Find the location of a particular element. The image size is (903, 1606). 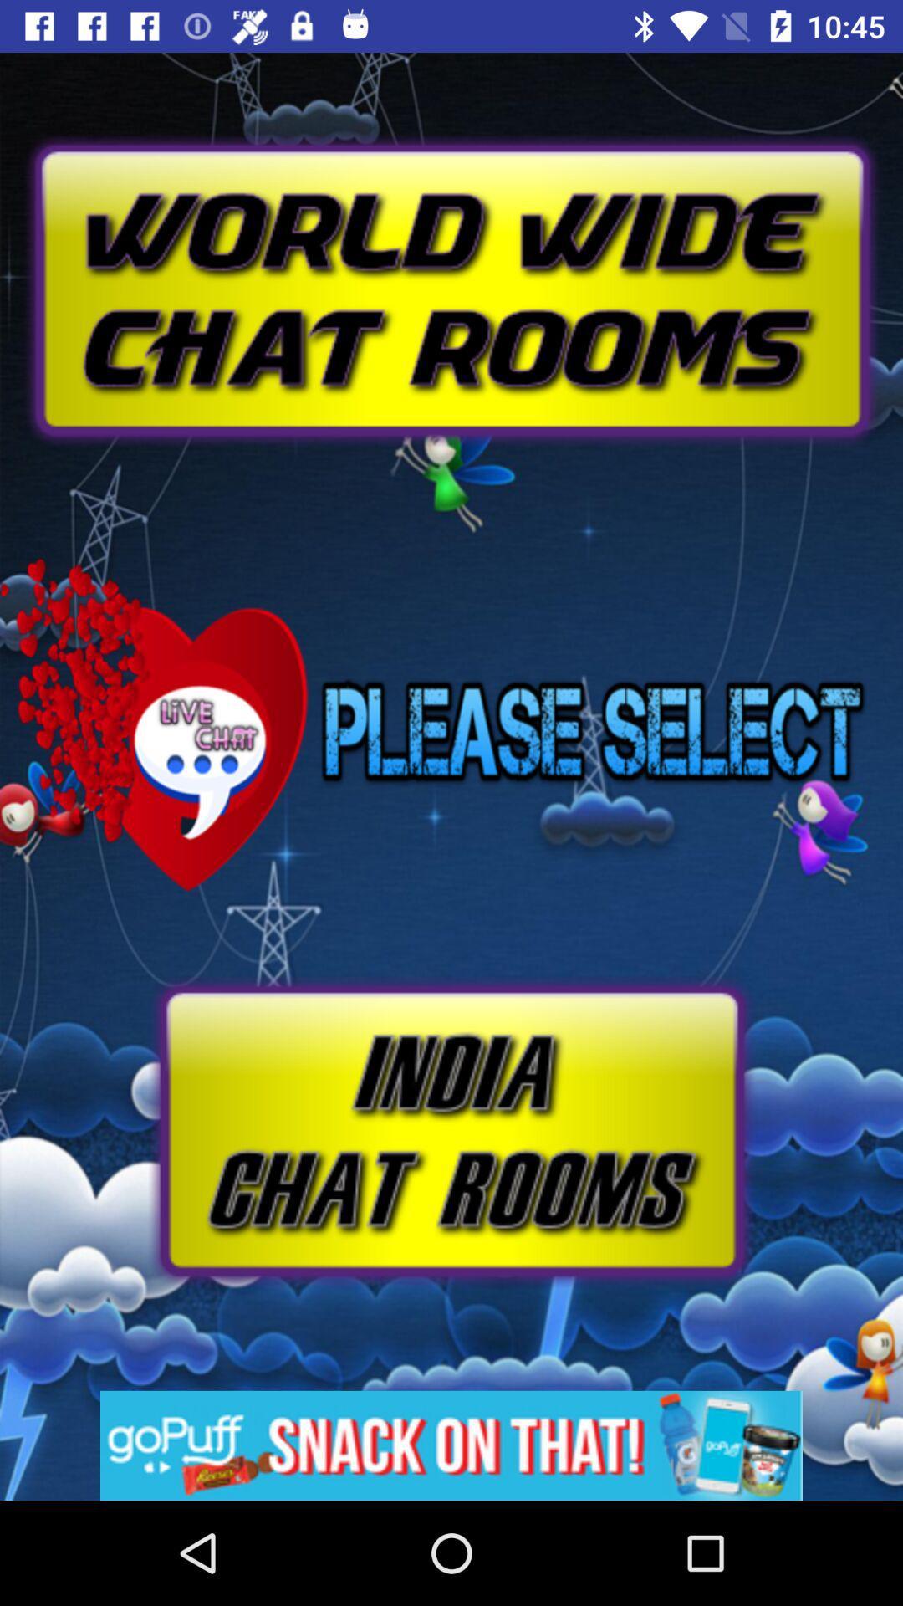

advertisement page is located at coordinates (451, 1445).